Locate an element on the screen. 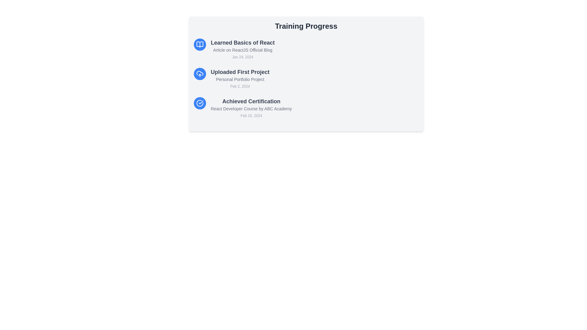 This screenshot has height=330, width=587. the informational Text Label that indicates the date associated with the entry 'Learned Basics of React', which is located beneath the text 'Article on ReactJS Official Blog' within the 'Training Progress' section is located at coordinates (242, 57).